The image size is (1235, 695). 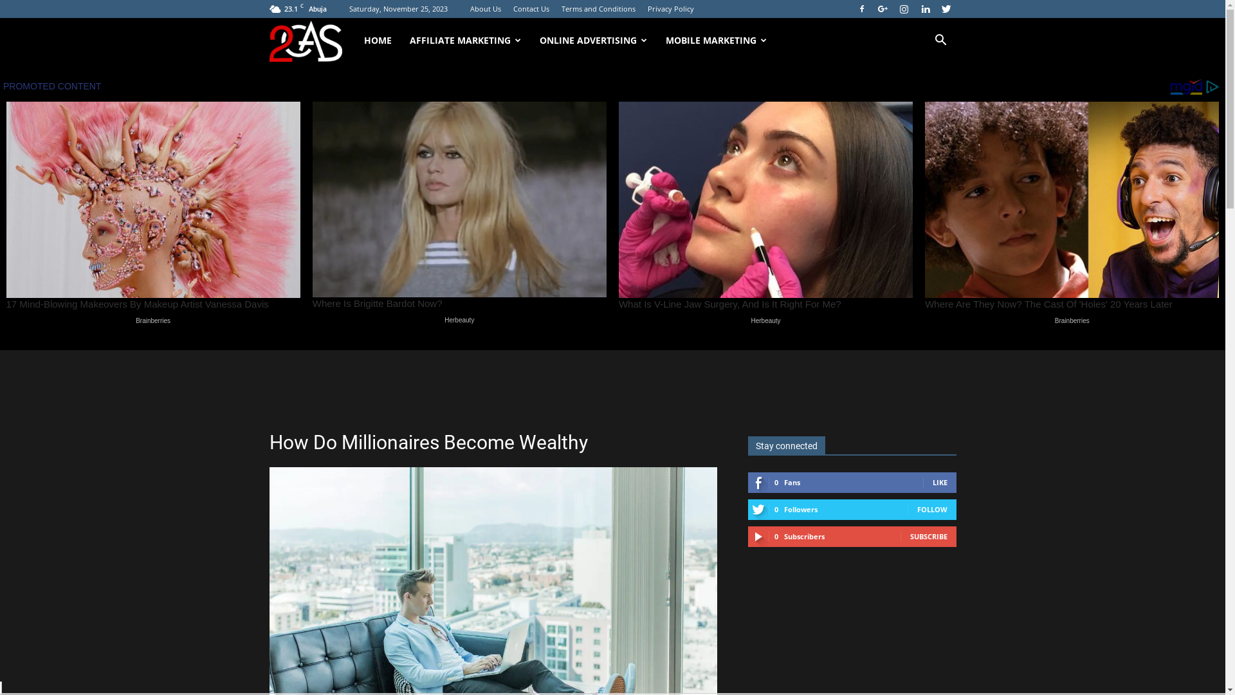 I want to click on 'About Us', so click(x=484, y=8).